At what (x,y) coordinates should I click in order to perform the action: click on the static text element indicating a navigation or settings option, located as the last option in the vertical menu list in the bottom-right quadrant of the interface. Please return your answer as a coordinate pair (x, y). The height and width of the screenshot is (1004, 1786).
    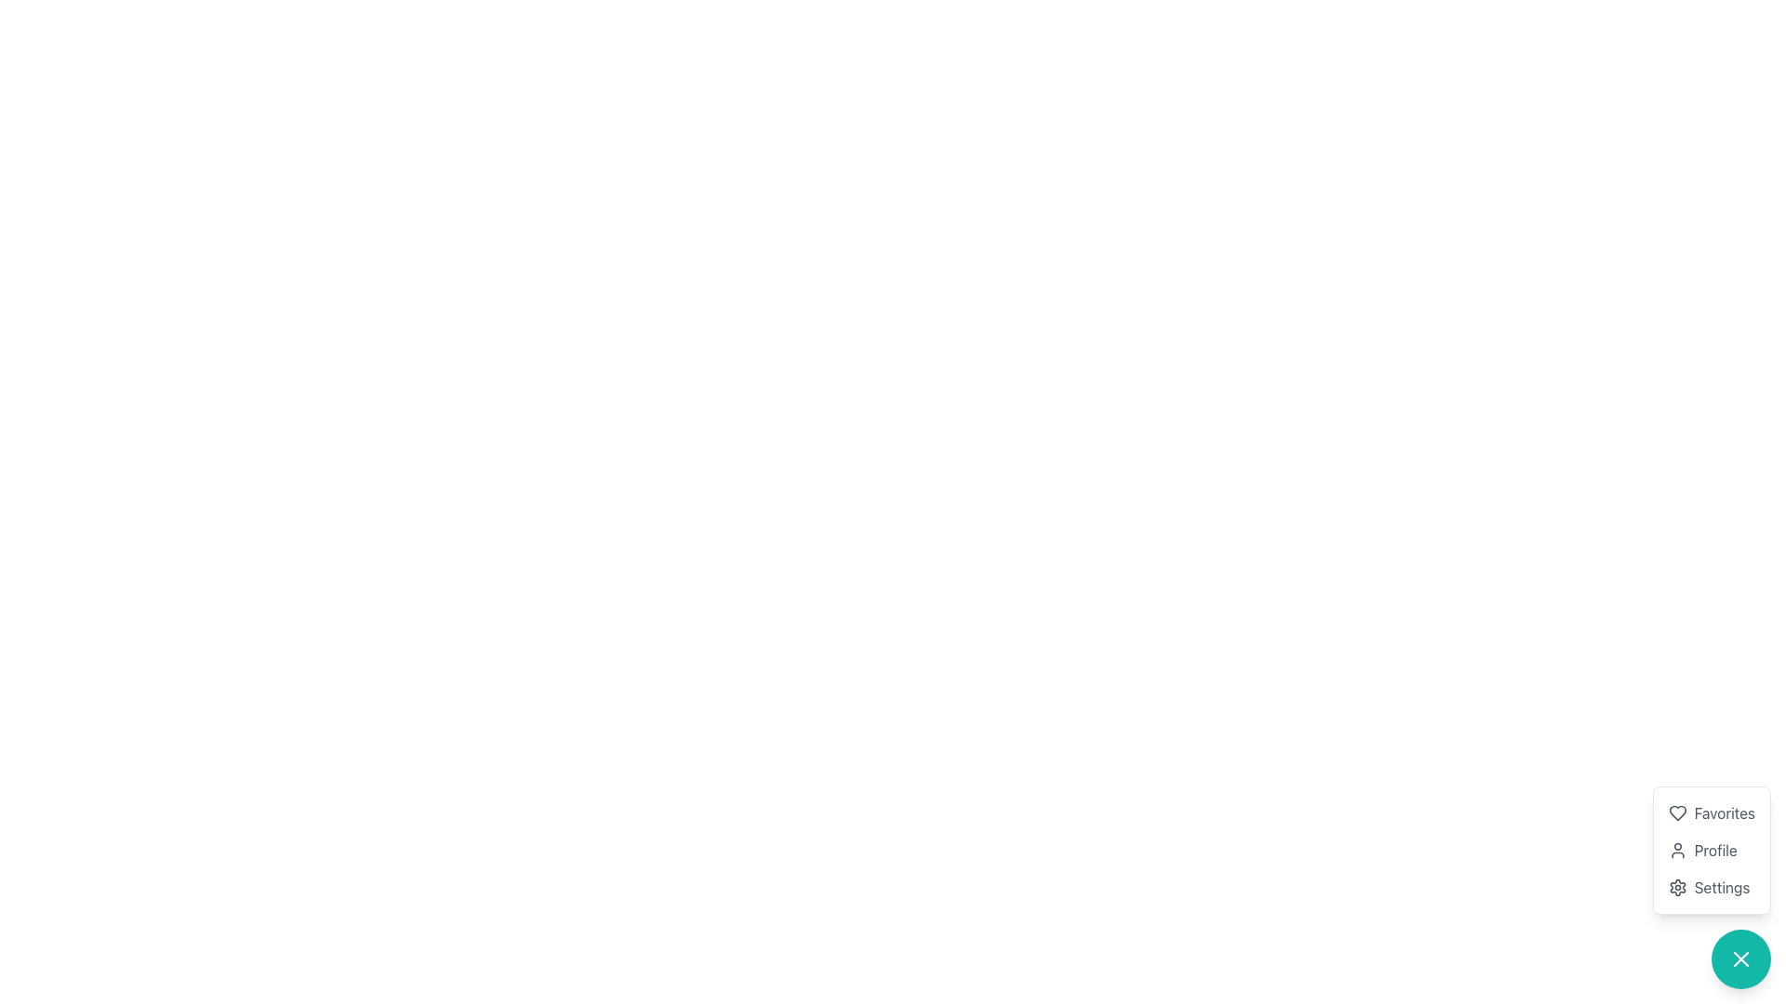
    Looking at the image, I should click on (1721, 887).